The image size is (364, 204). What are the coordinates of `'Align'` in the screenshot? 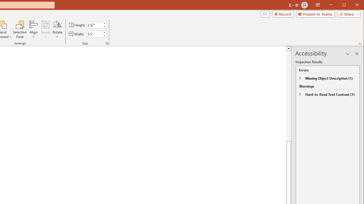 It's located at (33, 29).